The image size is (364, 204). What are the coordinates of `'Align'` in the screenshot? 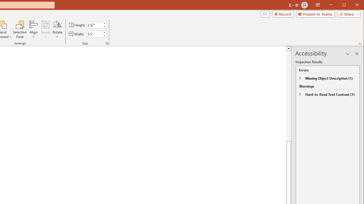 It's located at (33, 29).